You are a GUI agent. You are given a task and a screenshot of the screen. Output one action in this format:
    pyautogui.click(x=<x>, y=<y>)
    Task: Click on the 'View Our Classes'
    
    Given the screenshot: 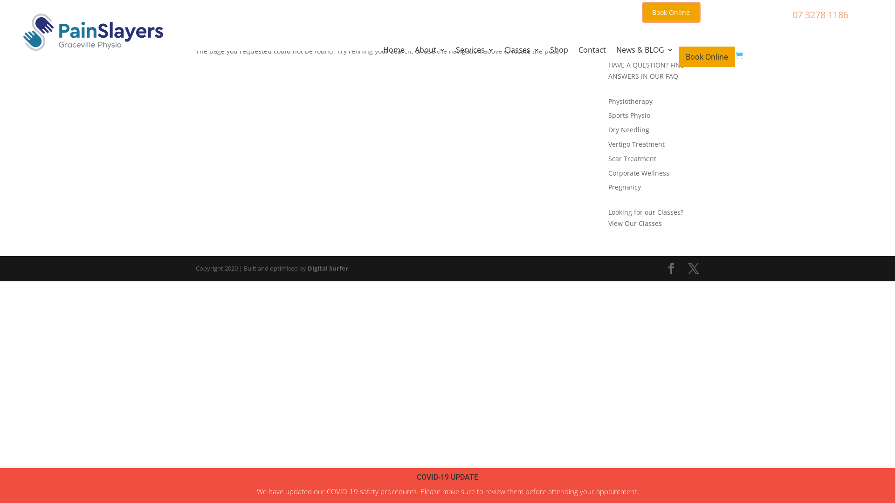 What is the action you would take?
    pyautogui.click(x=634, y=223)
    